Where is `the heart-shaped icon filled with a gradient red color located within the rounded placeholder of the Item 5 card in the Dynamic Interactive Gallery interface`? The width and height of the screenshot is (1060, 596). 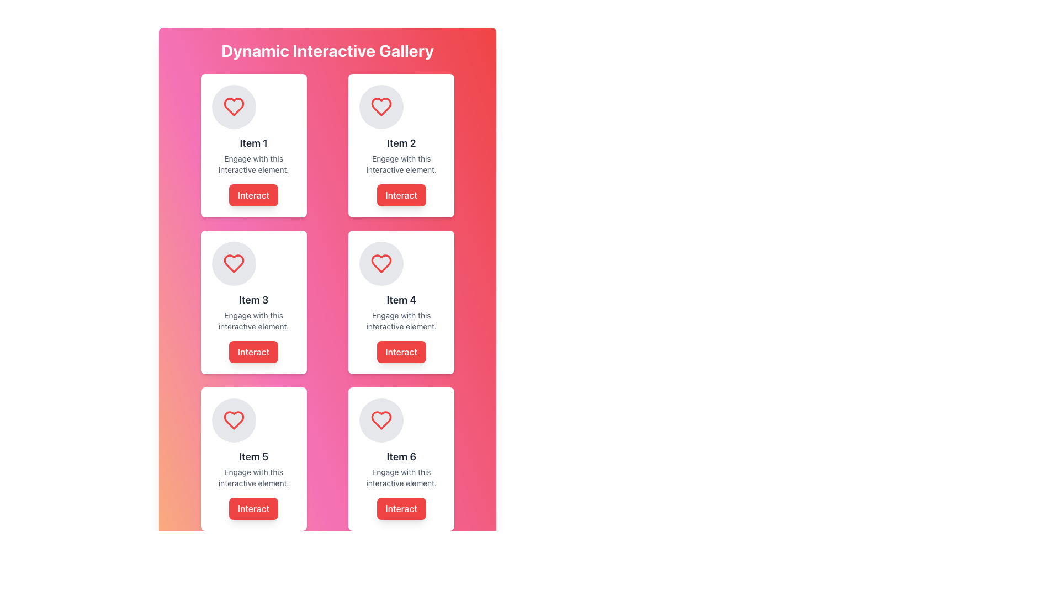
the heart-shaped icon filled with a gradient red color located within the rounded placeholder of the Item 5 card in the Dynamic Interactive Gallery interface is located at coordinates (233, 576).